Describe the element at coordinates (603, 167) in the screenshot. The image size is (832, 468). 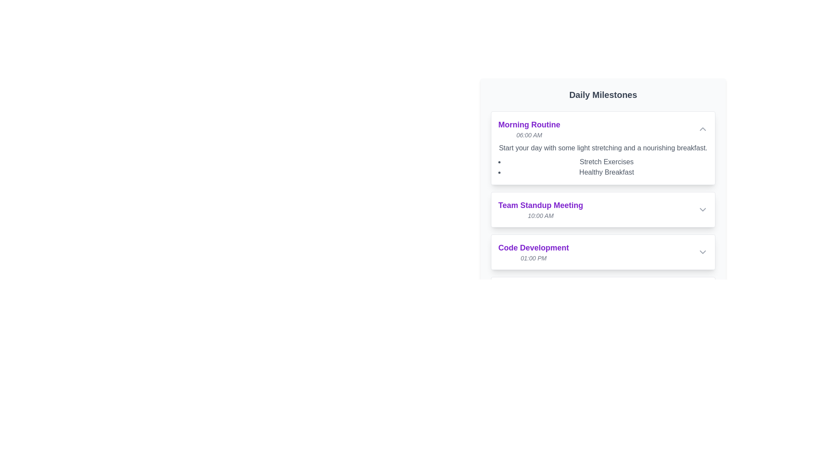
I see `the list item that details activities associated with the 'Morning Routine' milestone, located under the text 'Start your day with some light stretching and a nourishing breakfast.'` at that location.